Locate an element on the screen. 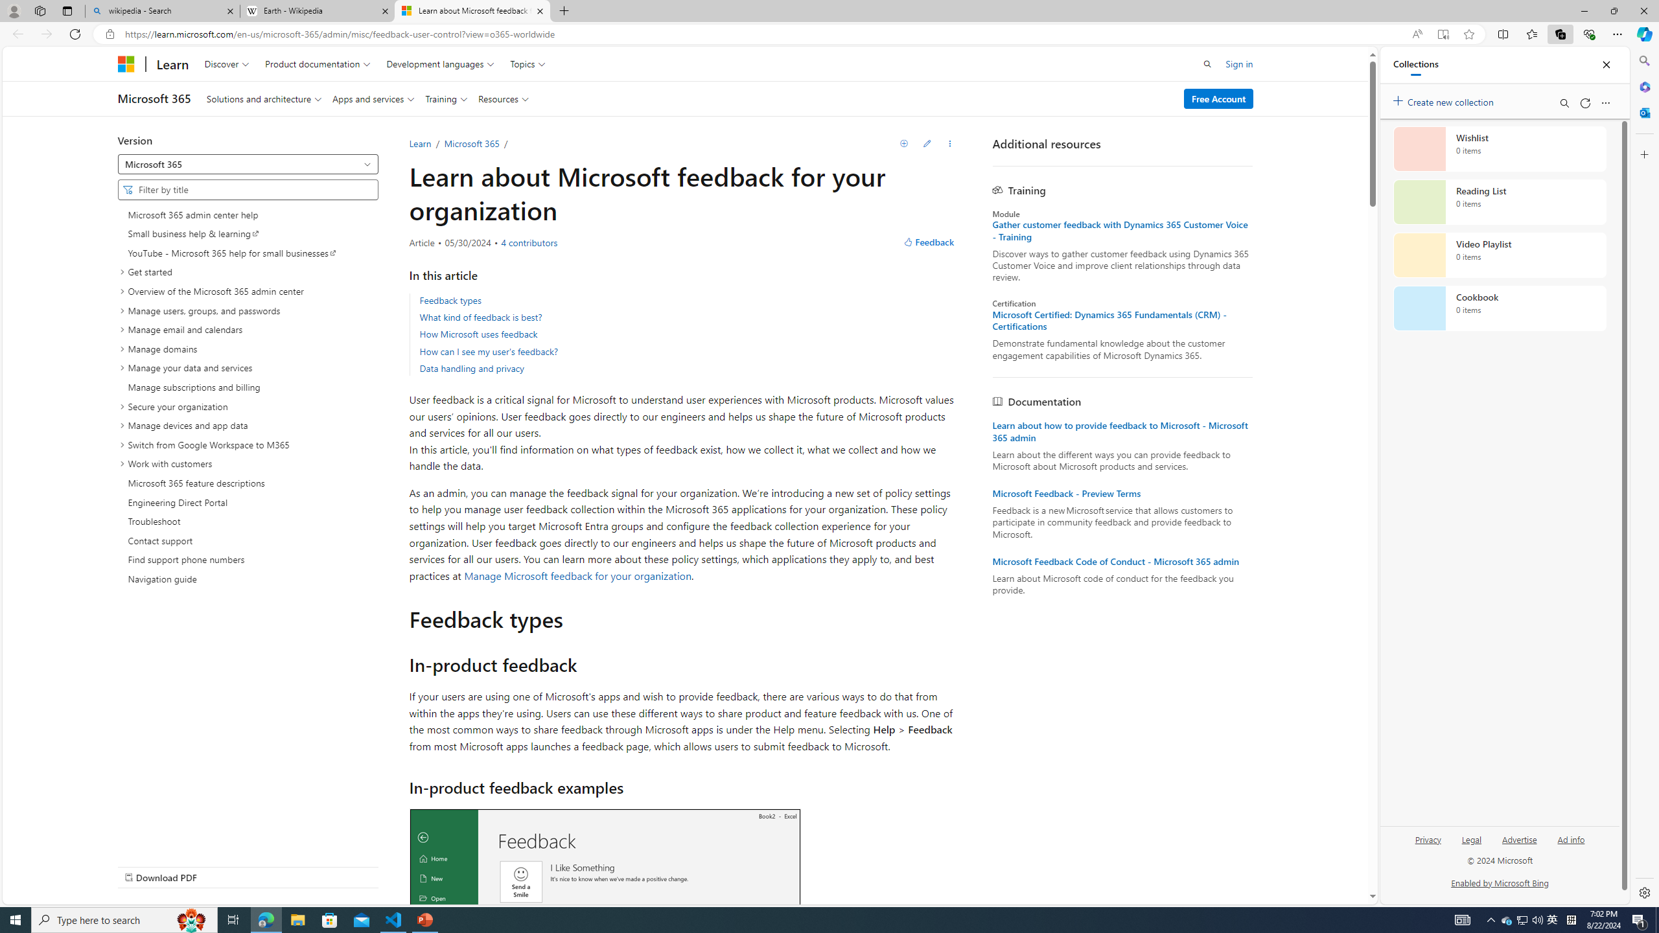 The image size is (1659, 933). 'Microsoft Feedback - Preview Terms' is located at coordinates (1122, 494).